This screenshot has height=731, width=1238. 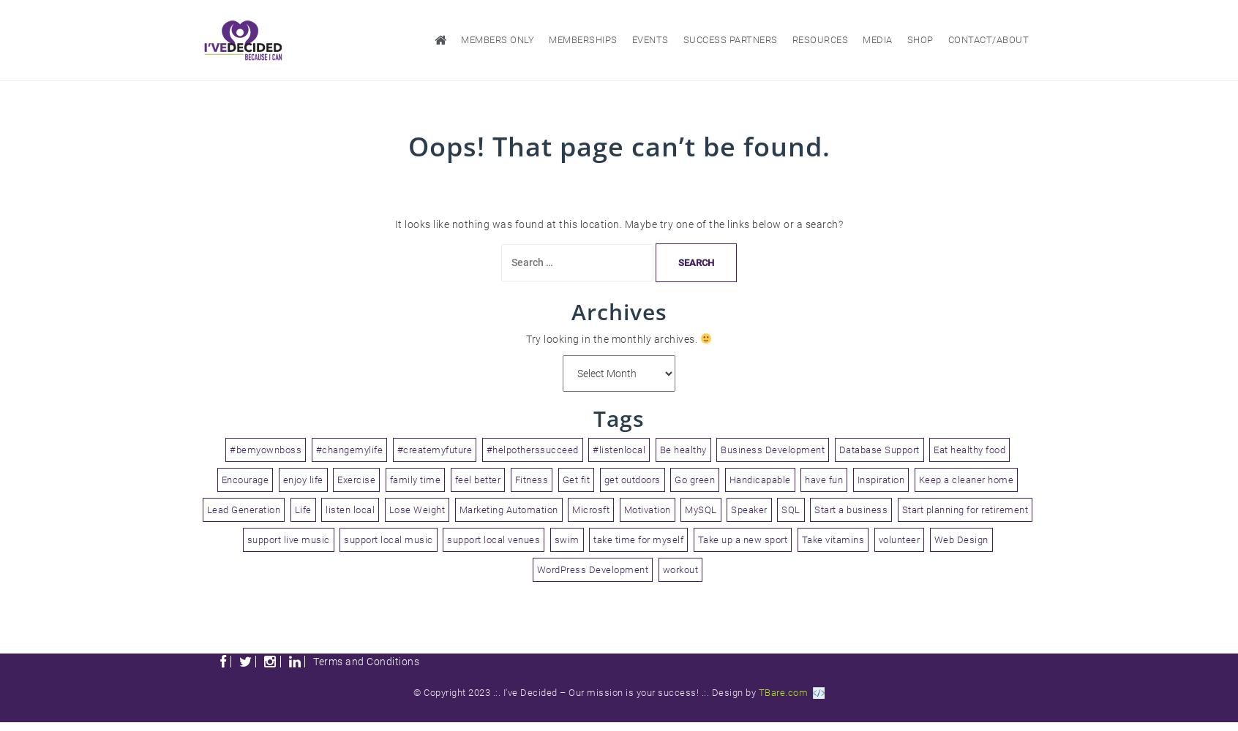 What do you see at coordinates (824, 479) in the screenshot?
I see `'have fun'` at bounding box center [824, 479].